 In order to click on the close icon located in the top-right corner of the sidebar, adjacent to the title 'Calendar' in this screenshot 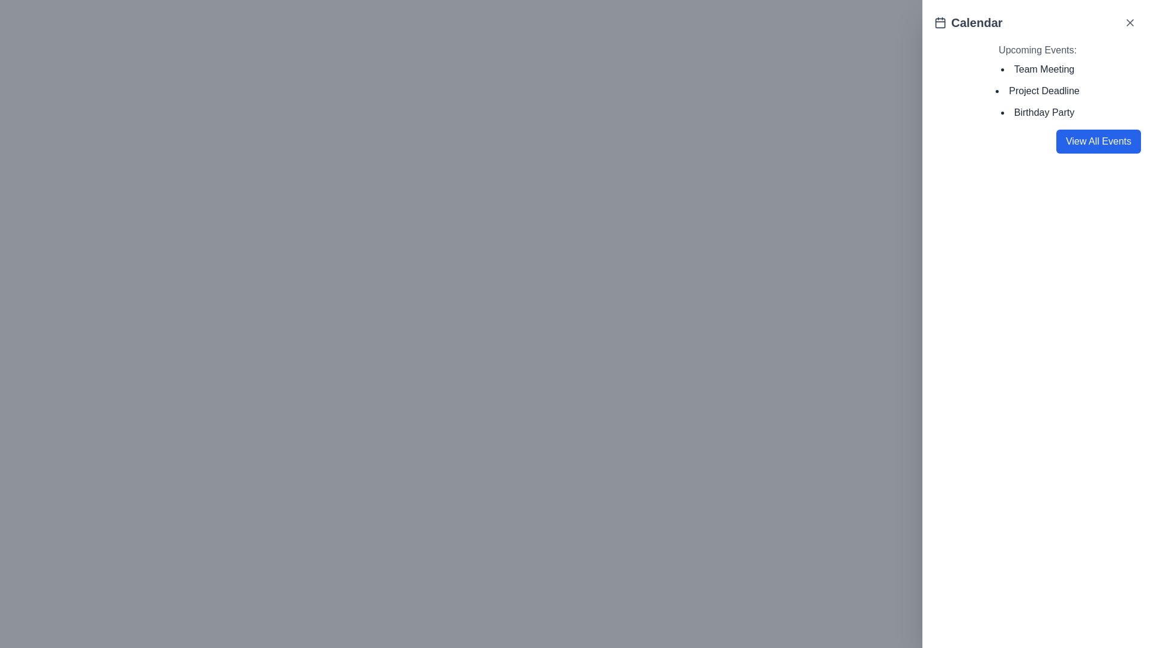, I will do `click(1129, 23)`.